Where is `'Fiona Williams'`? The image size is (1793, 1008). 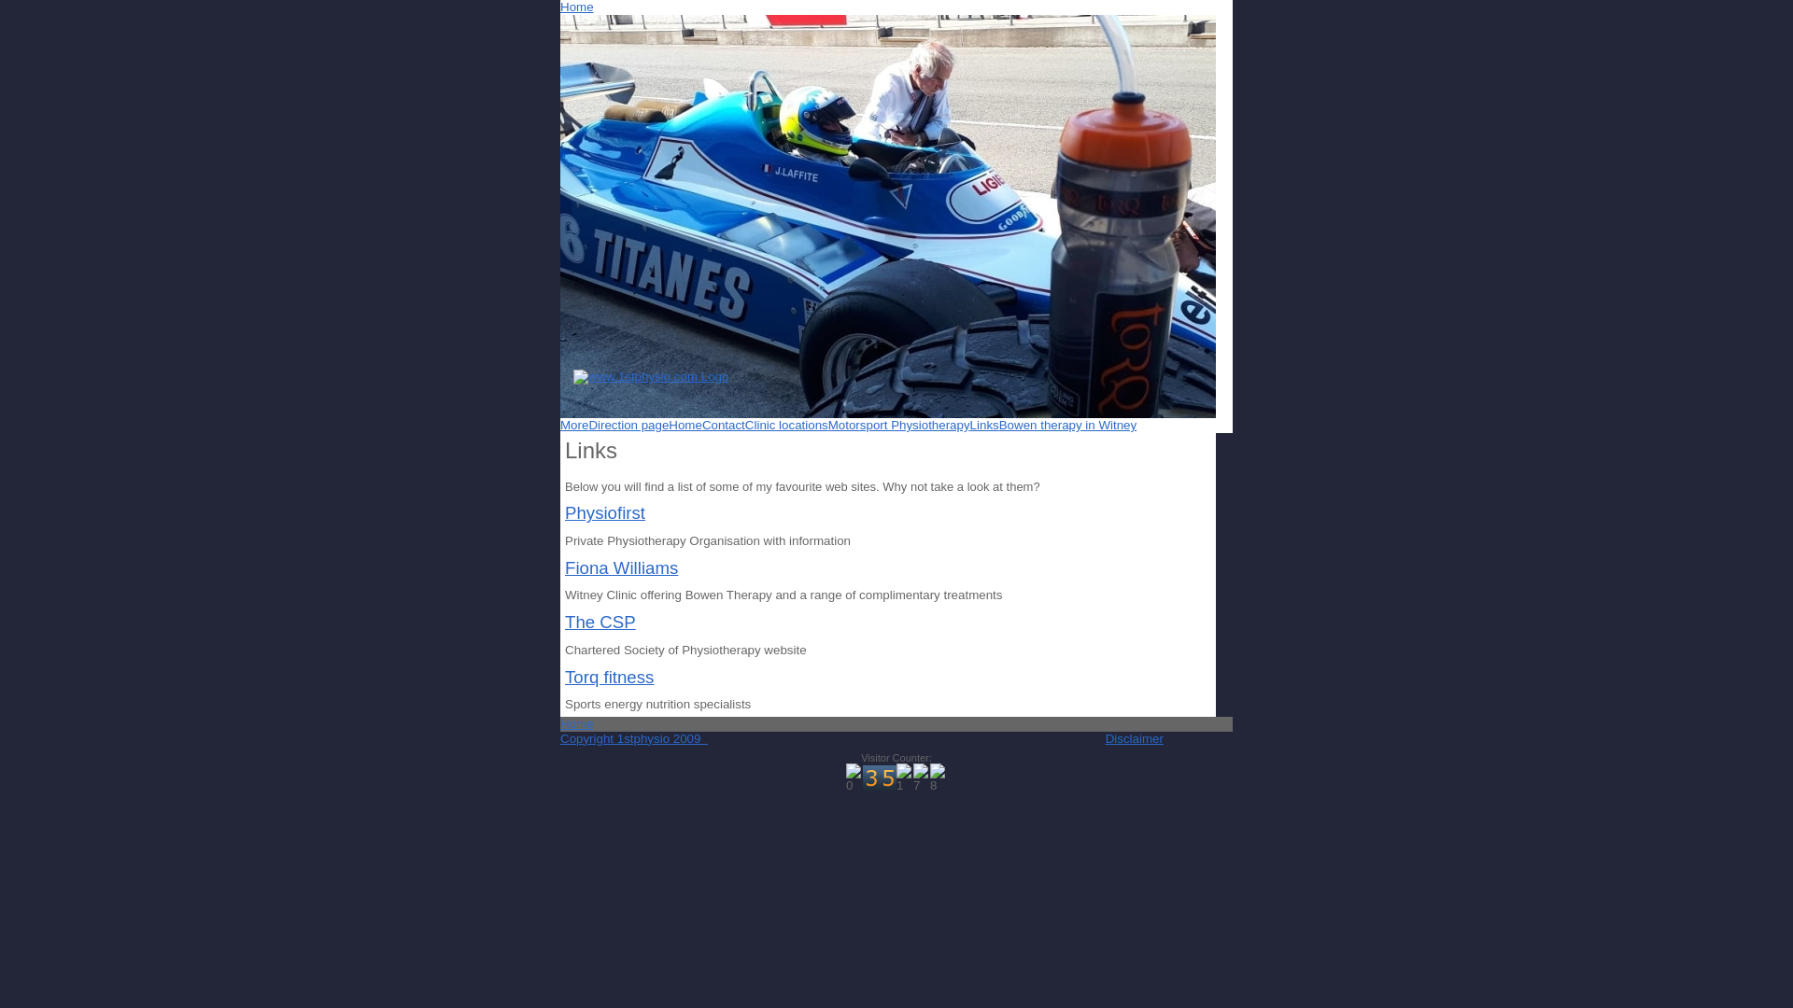
'Fiona Williams' is located at coordinates (563, 567).